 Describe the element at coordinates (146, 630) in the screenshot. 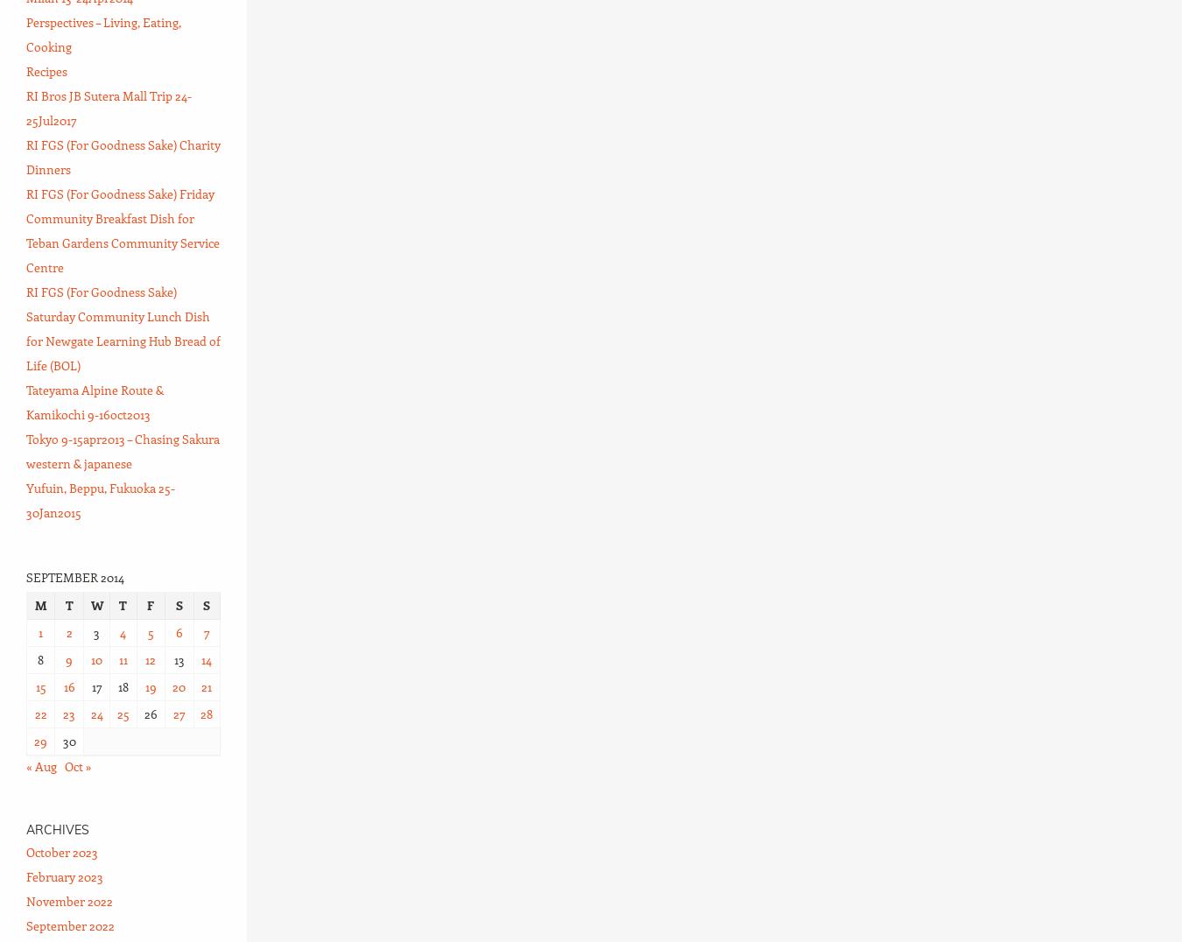

I see `'5'` at that location.